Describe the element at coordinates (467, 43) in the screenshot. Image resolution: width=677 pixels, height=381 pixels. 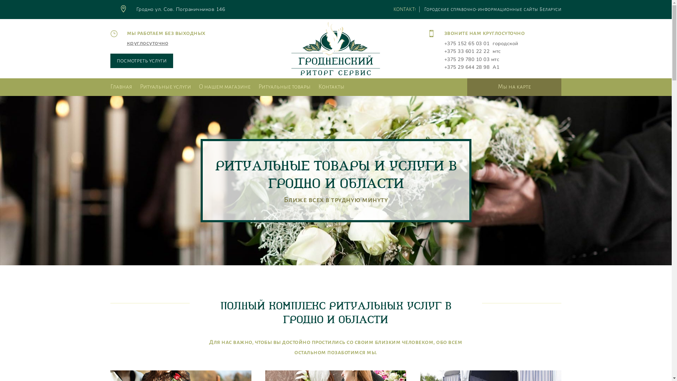
I see `'+375 152 65 03 01'` at that location.